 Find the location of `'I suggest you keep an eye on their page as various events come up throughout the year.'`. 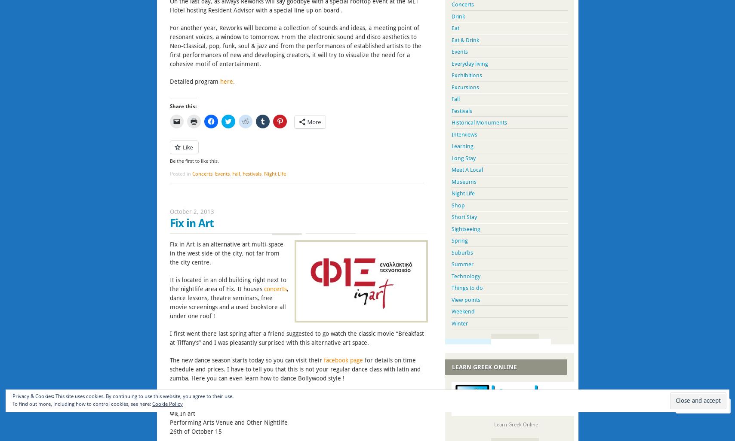

'I suggest you keep an eye on their page as various events come up throughout the year.' is located at coordinates (289, 395).